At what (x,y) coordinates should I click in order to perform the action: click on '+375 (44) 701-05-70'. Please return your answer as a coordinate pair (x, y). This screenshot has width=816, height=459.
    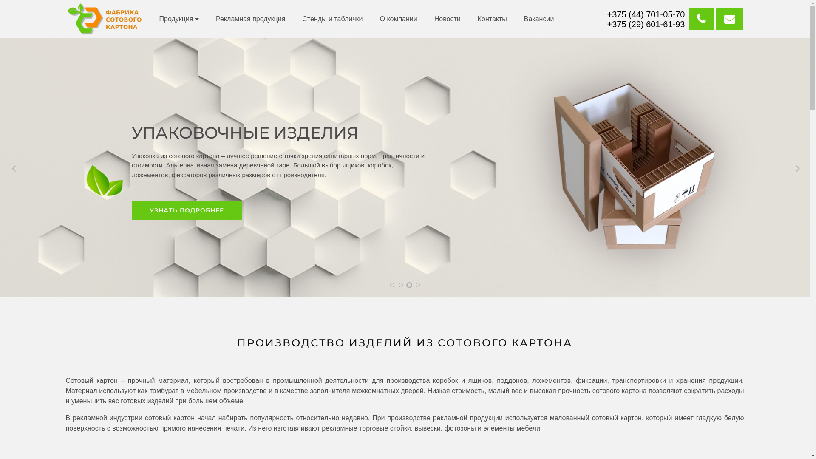
    Looking at the image, I should click on (646, 14).